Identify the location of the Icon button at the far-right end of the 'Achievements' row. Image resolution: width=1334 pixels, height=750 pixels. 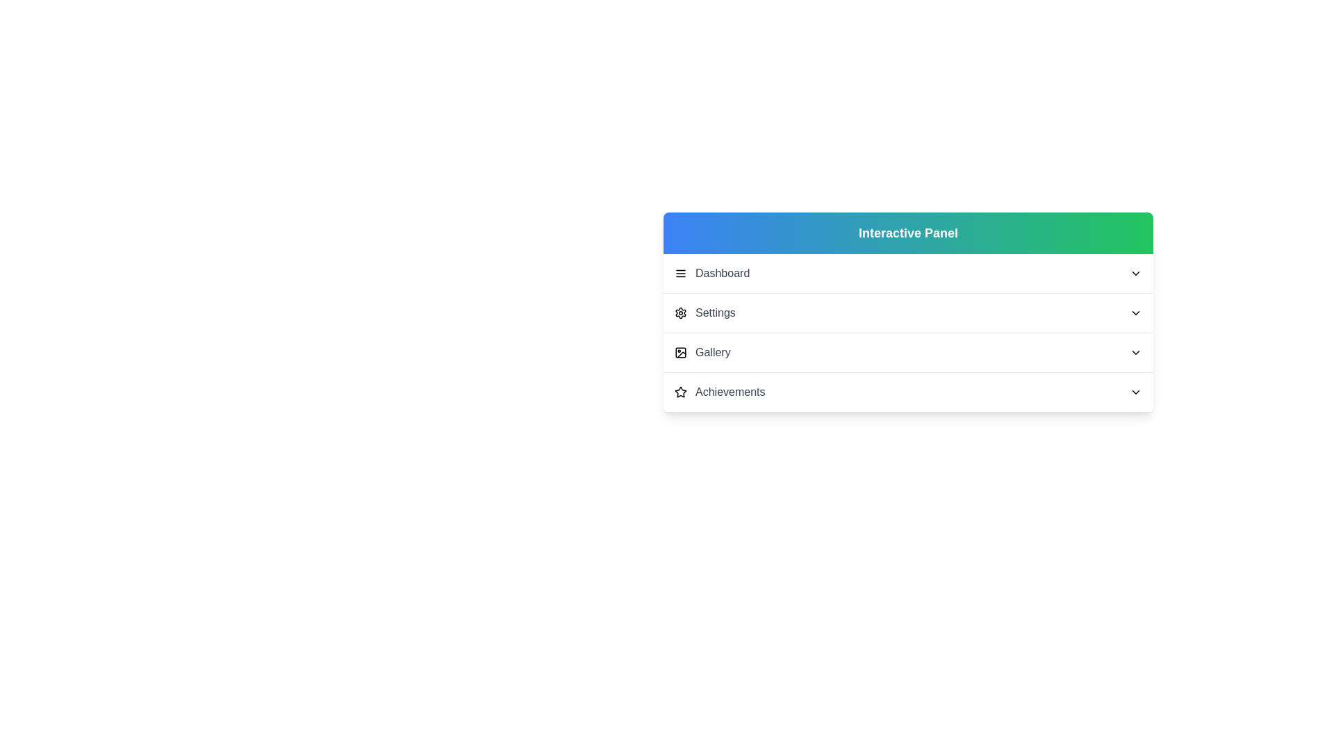
(1136, 392).